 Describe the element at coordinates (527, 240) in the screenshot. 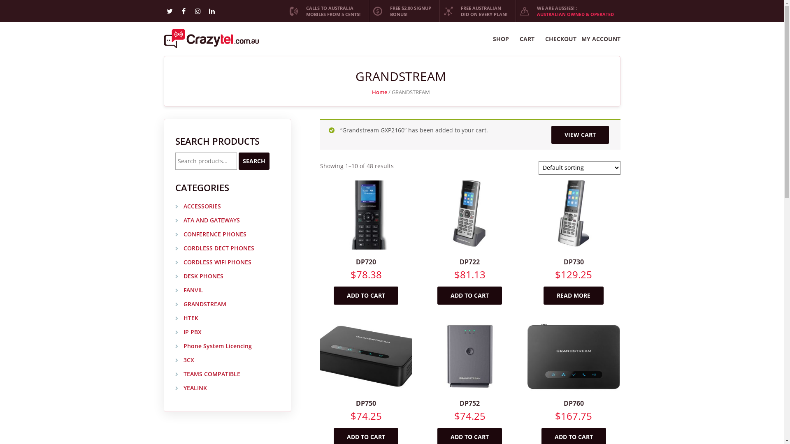

I see `'DP730` at that location.